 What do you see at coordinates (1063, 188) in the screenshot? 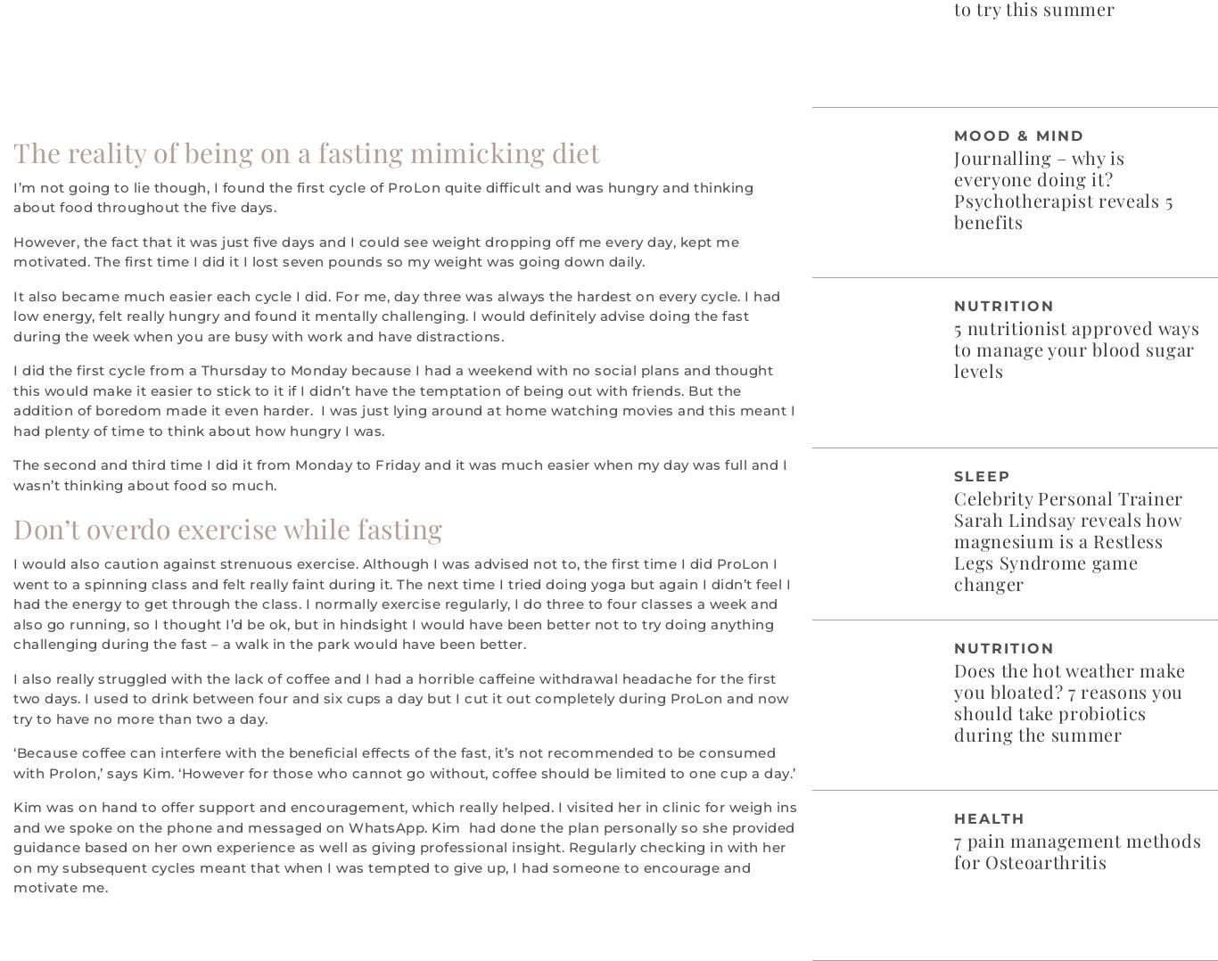
I see `'Journalling – why is everyone doing it? Psychotherapist reveals 5 benefits'` at bounding box center [1063, 188].